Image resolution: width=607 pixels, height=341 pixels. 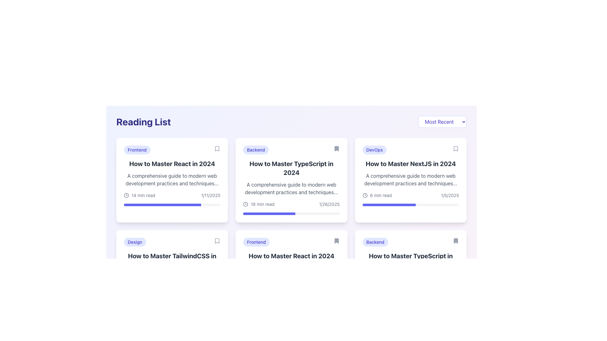 I want to click on the bookmark icon button located in the top-right corner of the 'Frontend' card, adjacent to the heading 'How to Master React in 2024', so click(x=217, y=148).